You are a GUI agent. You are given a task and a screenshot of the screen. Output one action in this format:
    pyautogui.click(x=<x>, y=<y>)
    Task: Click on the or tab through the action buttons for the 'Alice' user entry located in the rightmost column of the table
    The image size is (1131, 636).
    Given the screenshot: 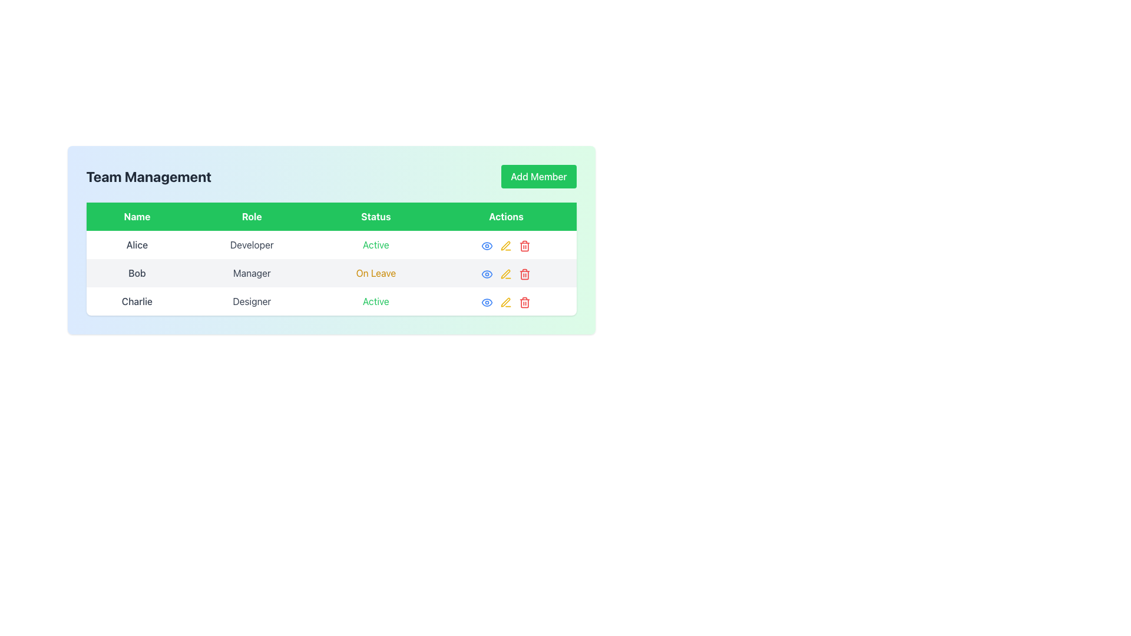 What is the action you would take?
    pyautogui.click(x=506, y=244)
    